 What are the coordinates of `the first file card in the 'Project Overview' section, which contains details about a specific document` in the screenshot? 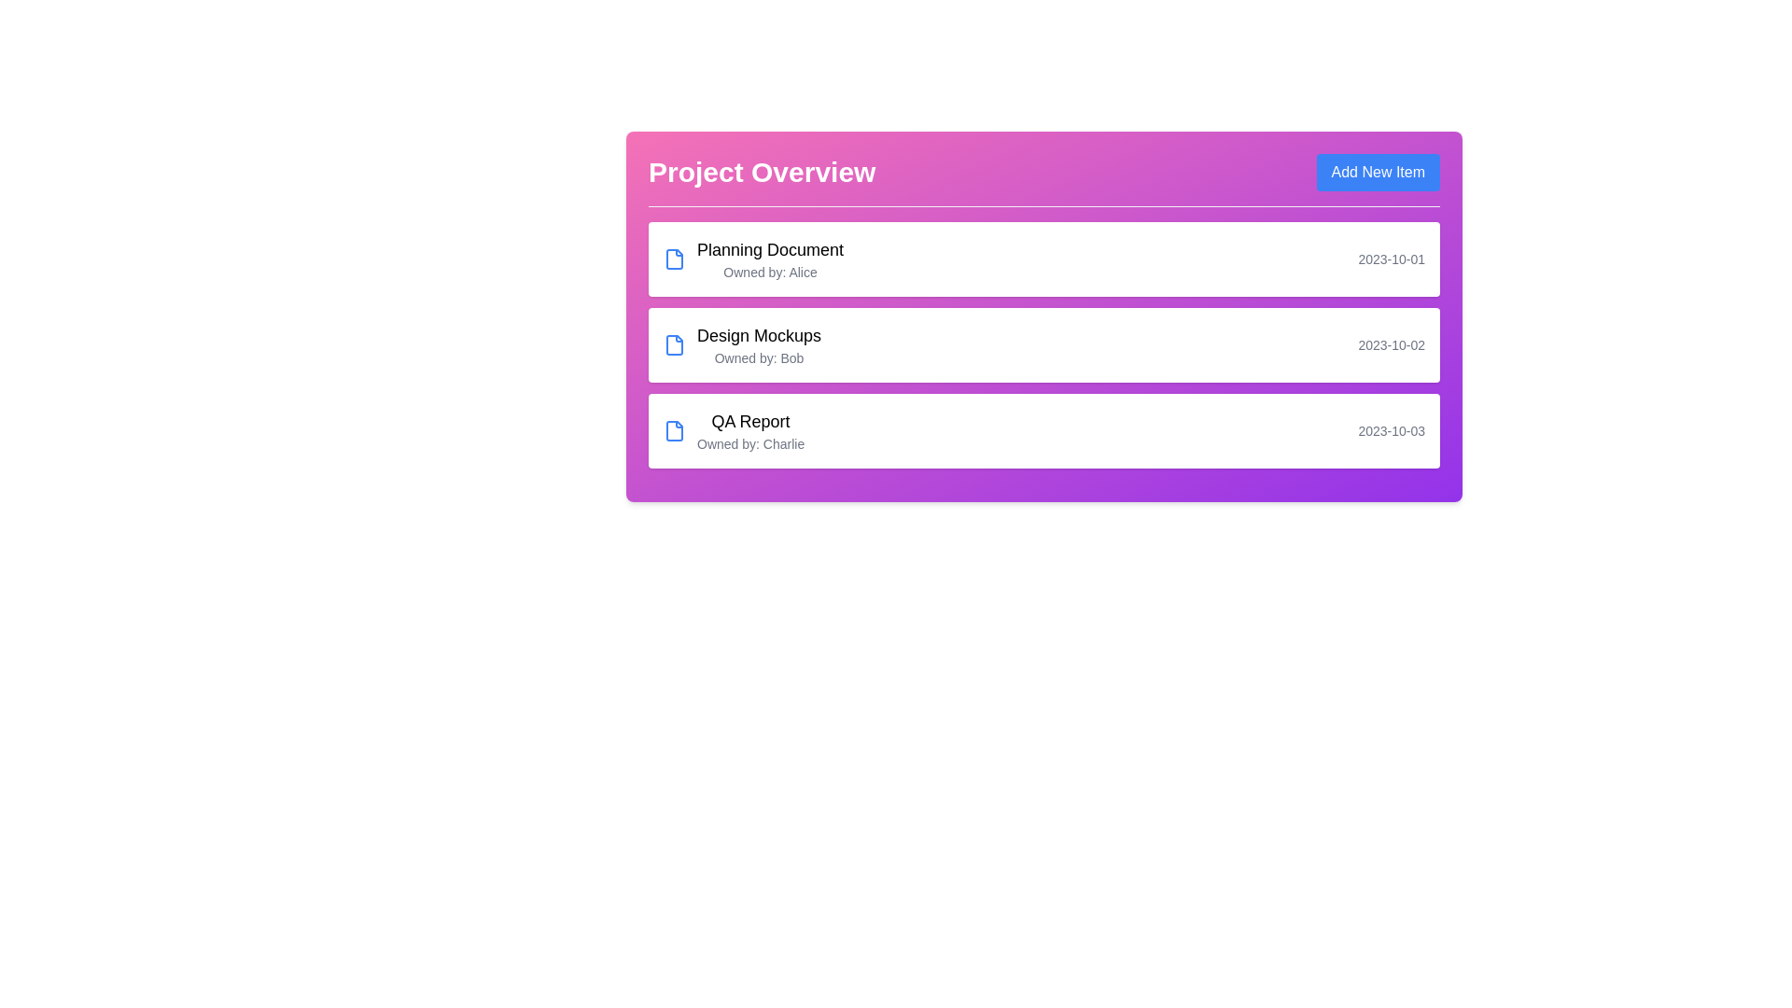 It's located at (1043, 259).